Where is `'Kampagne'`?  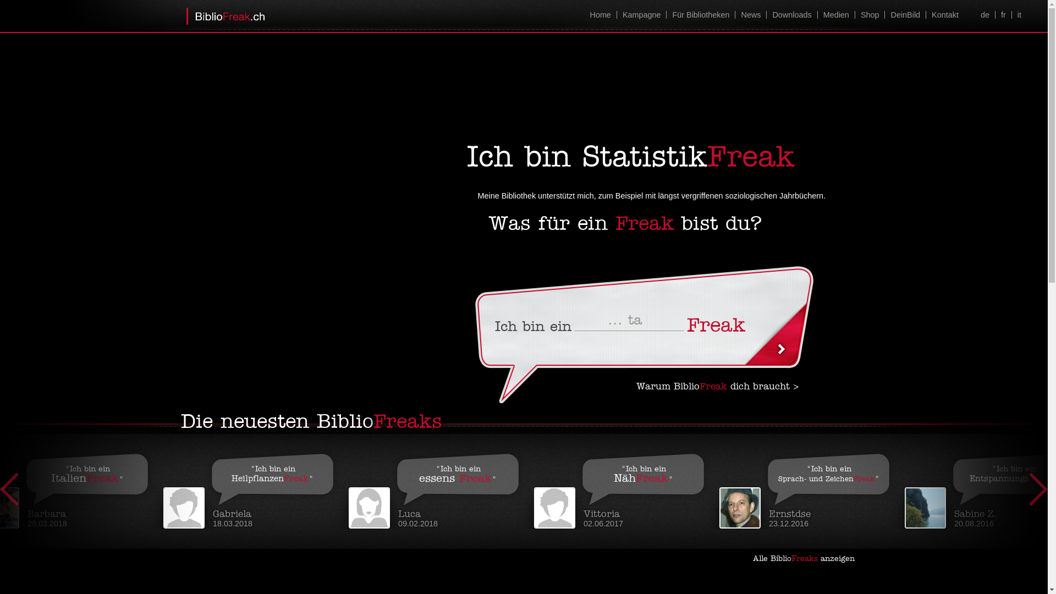 'Kampagne' is located at coordinates (617, 15).